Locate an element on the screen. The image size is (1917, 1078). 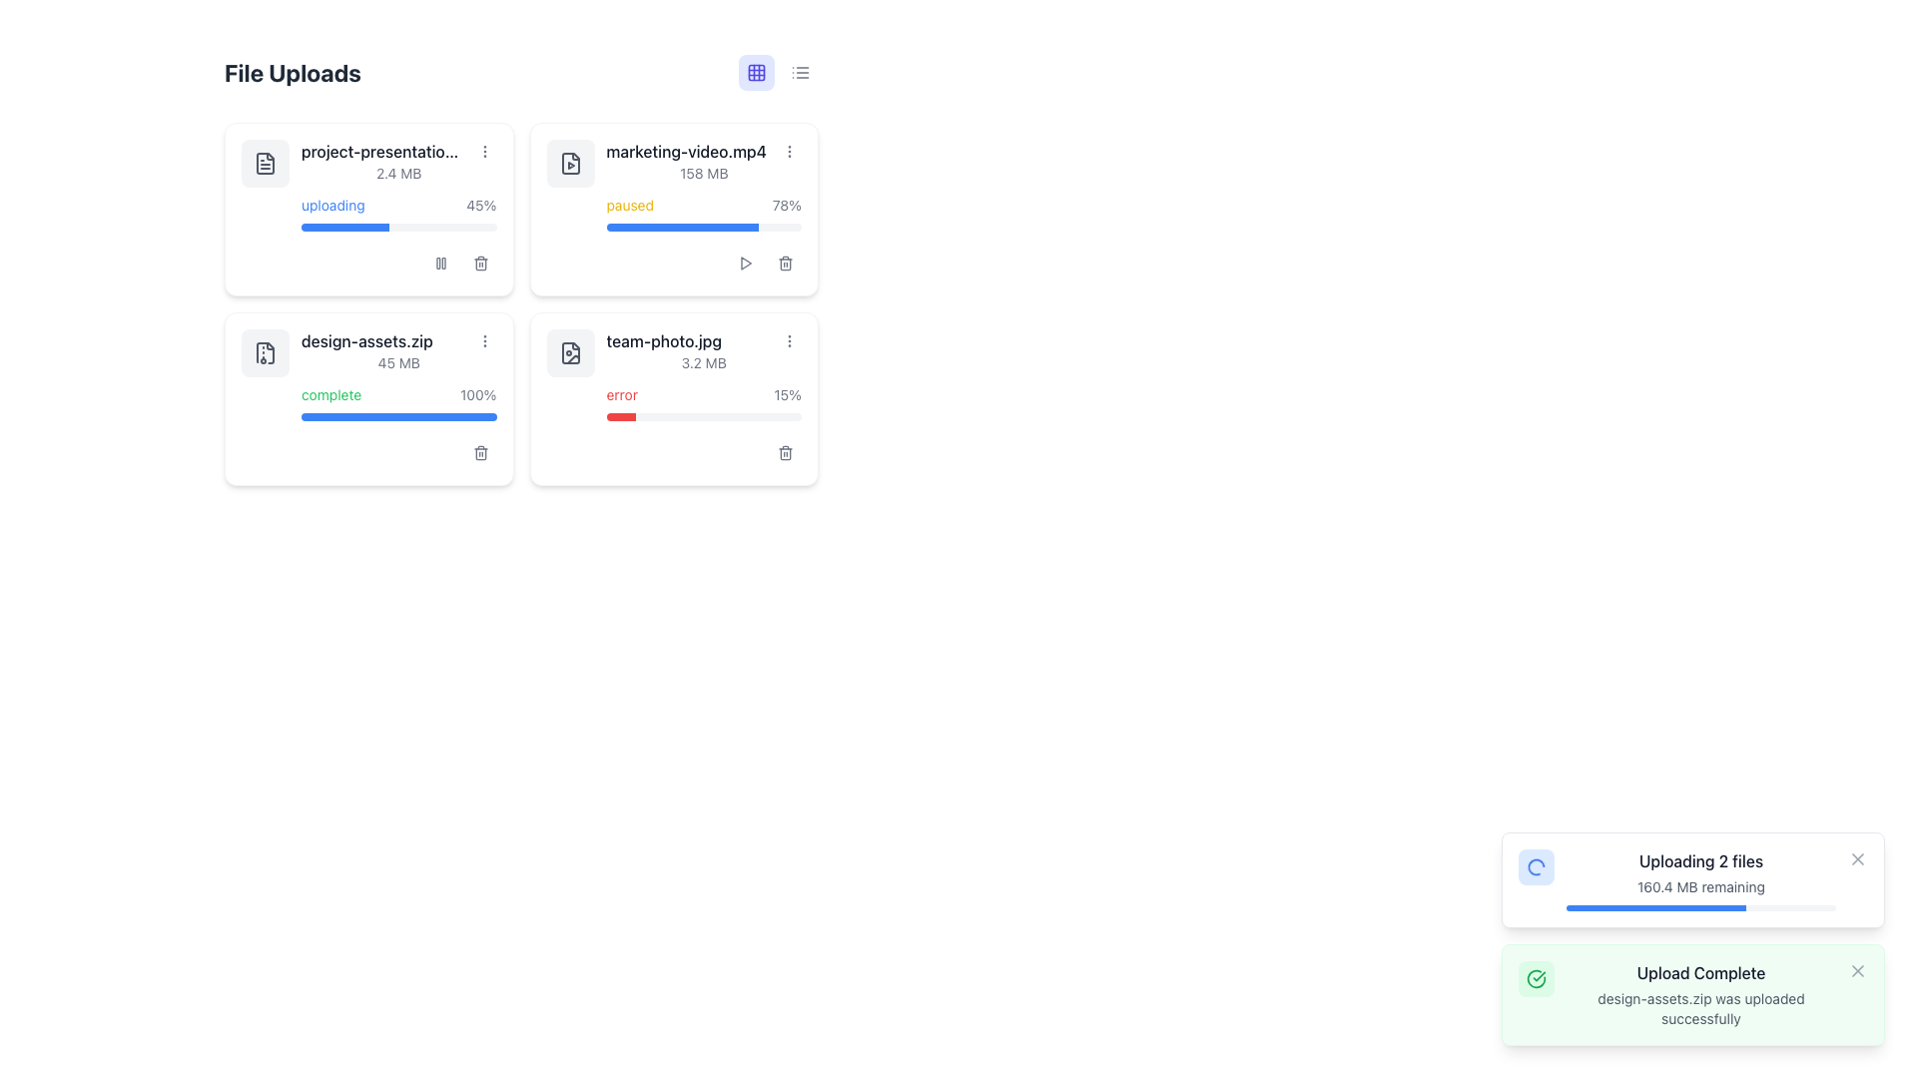
the green notification box that informs the user about the successful upload of 'design-assets.zip' is located at coordinates (1691, 994).